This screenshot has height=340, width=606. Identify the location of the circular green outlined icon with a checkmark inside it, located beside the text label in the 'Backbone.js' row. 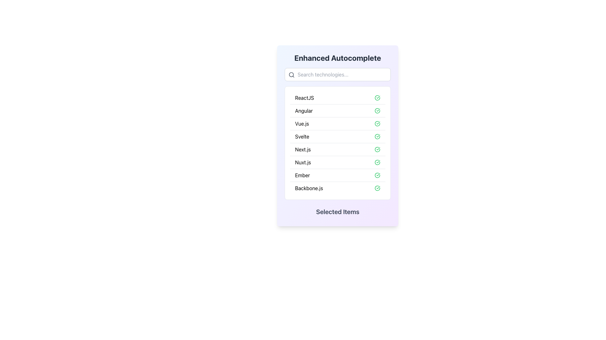
(377, 188).